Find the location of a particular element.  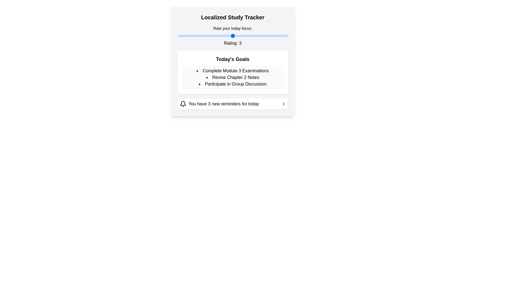

the static text label displaying 'Rating: 3', which is bold and centered, positioned below the slider input labeled 'Rate your today focus:' is located at coordinates (233, 43).